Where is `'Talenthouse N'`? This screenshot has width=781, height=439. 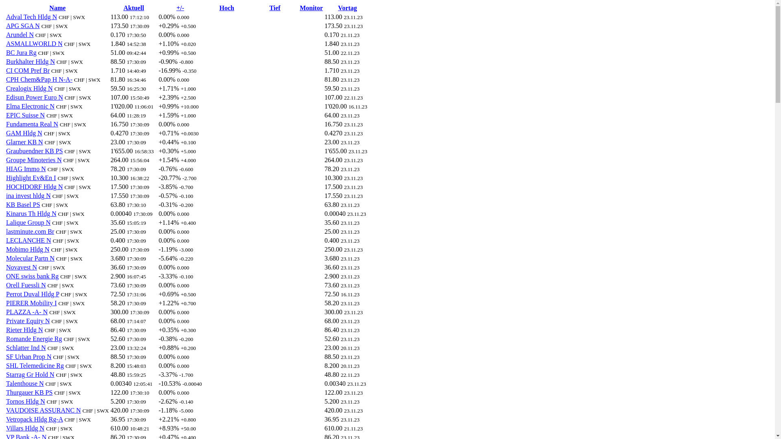 'Talenthouse N' is located at coordinates (6, 383).